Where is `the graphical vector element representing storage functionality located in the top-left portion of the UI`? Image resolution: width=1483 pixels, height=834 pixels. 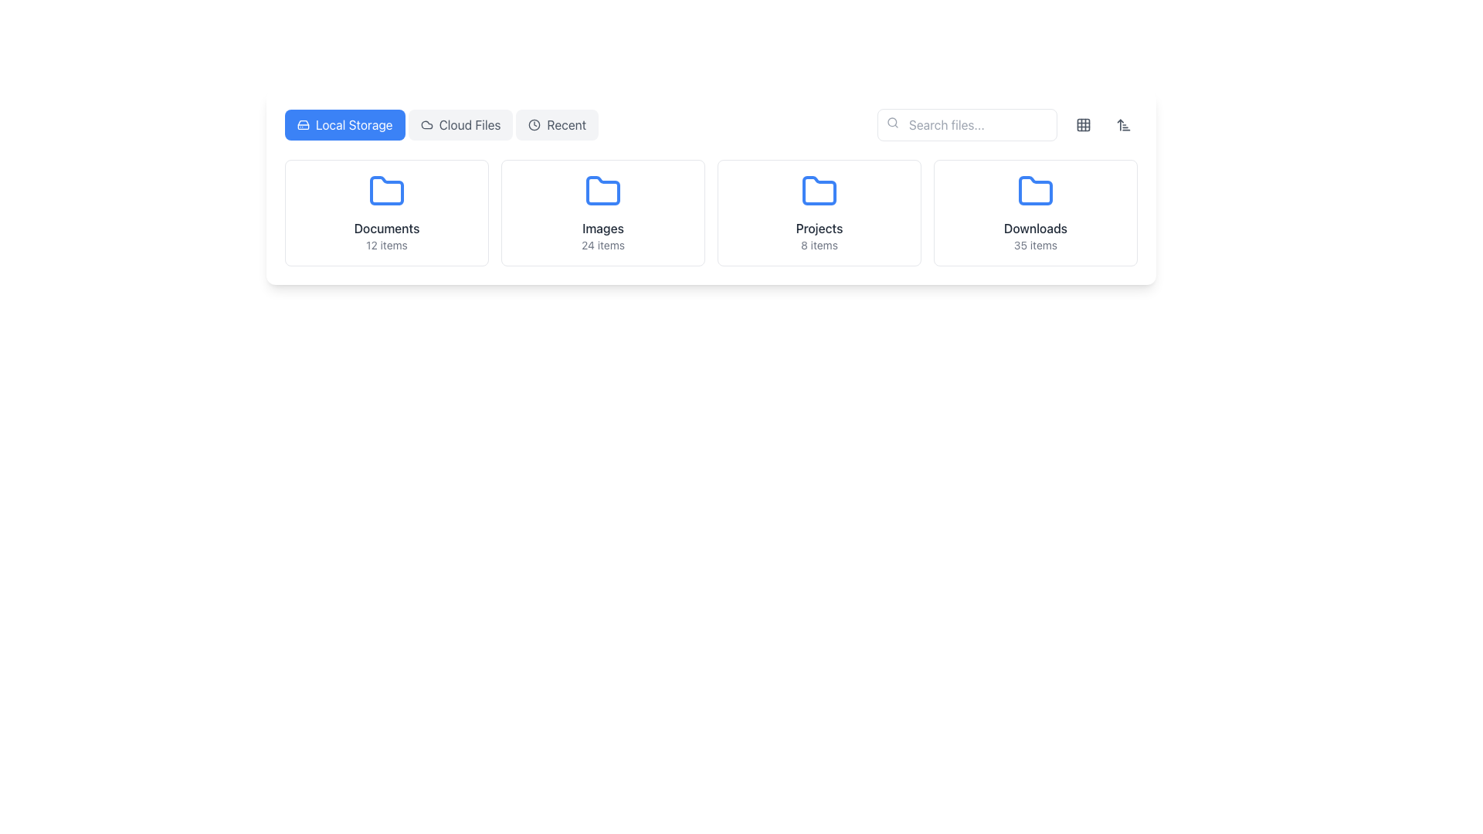 the graphical vector element representing storage functionality located in the top-left portion of the UI is located at coordinates (304, 124).